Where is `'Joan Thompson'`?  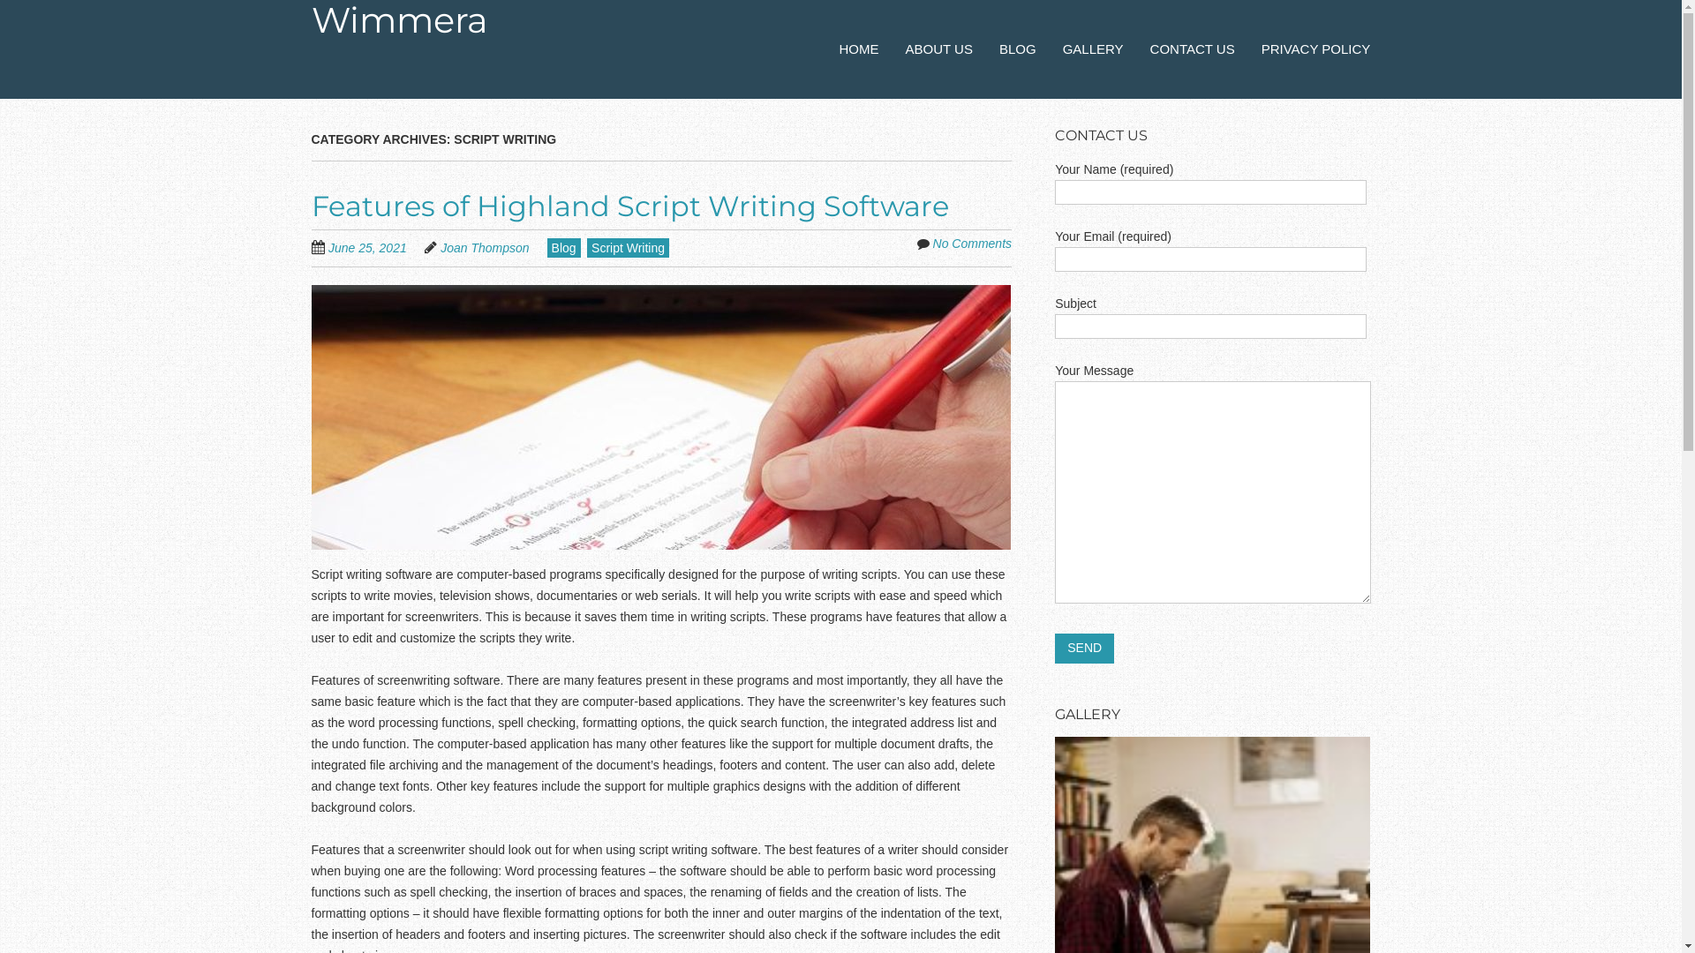
'Joan Thompson' is located at coordinates (484, 248).